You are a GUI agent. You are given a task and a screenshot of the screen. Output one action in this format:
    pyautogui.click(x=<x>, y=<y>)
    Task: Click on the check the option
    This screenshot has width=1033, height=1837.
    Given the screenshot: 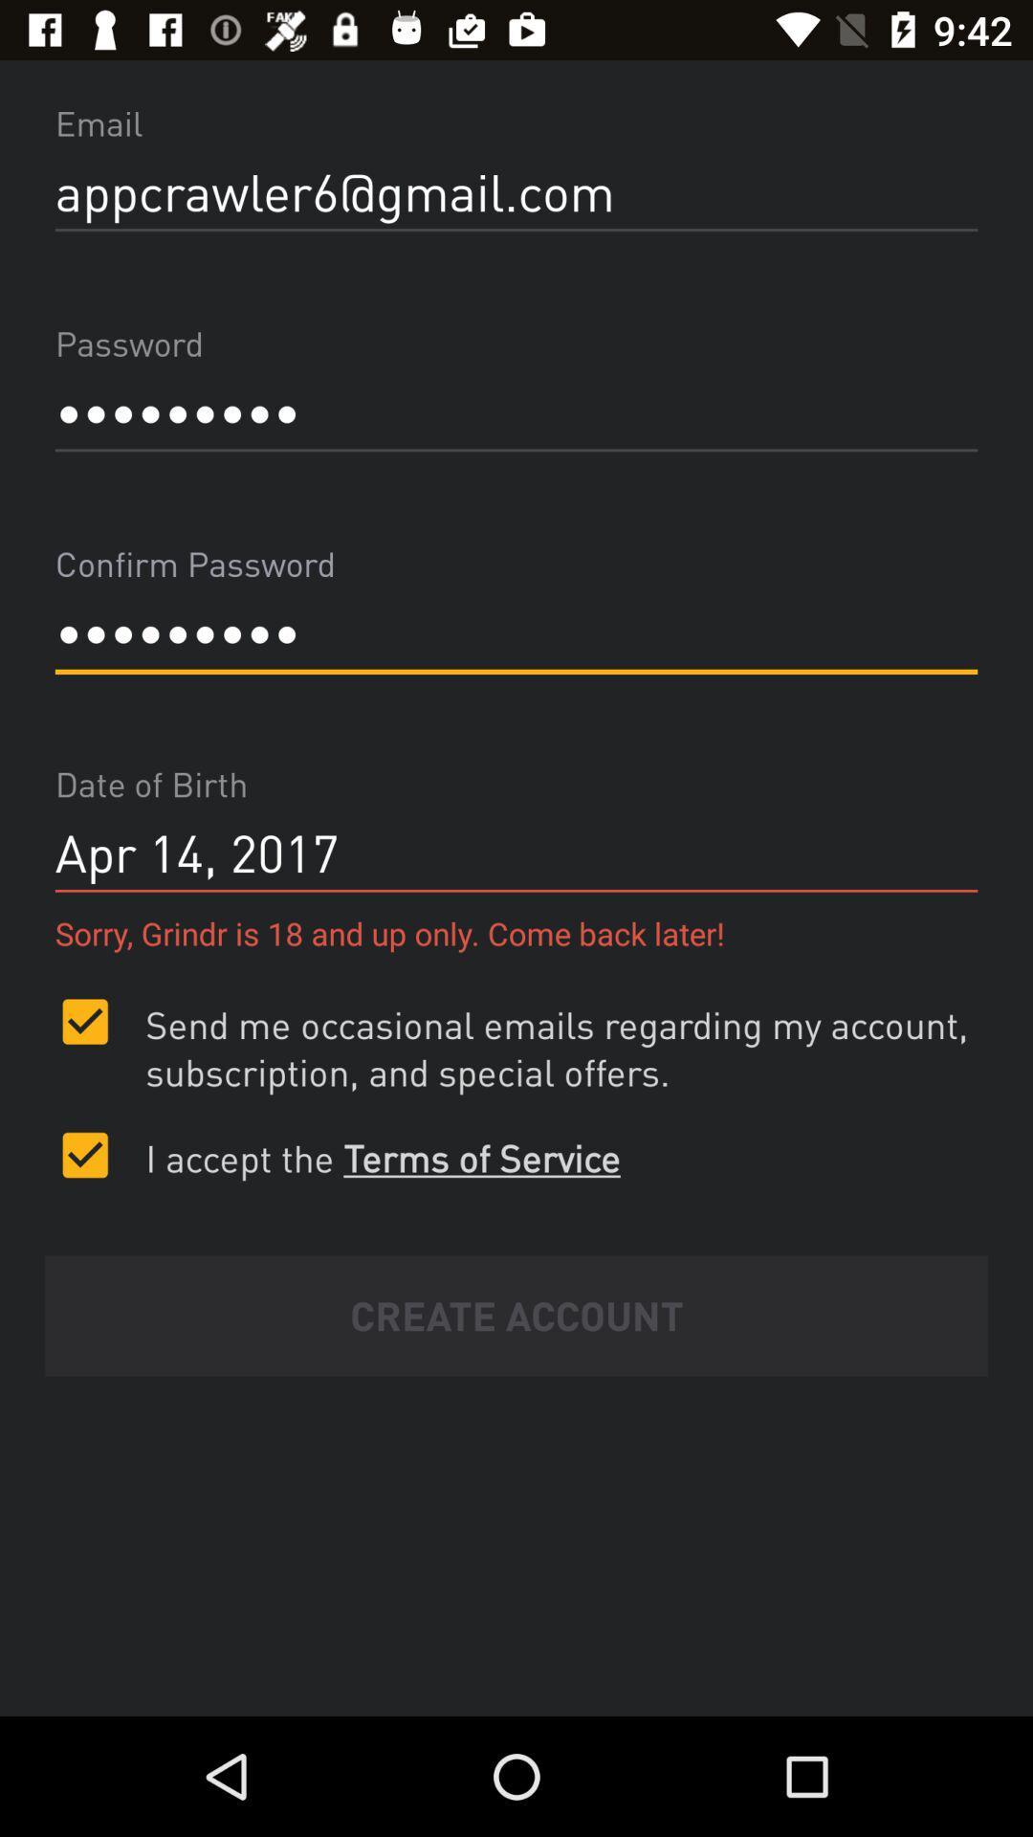 What is the action you would take?
    pyautogui.click(x=84, y=1154)
    